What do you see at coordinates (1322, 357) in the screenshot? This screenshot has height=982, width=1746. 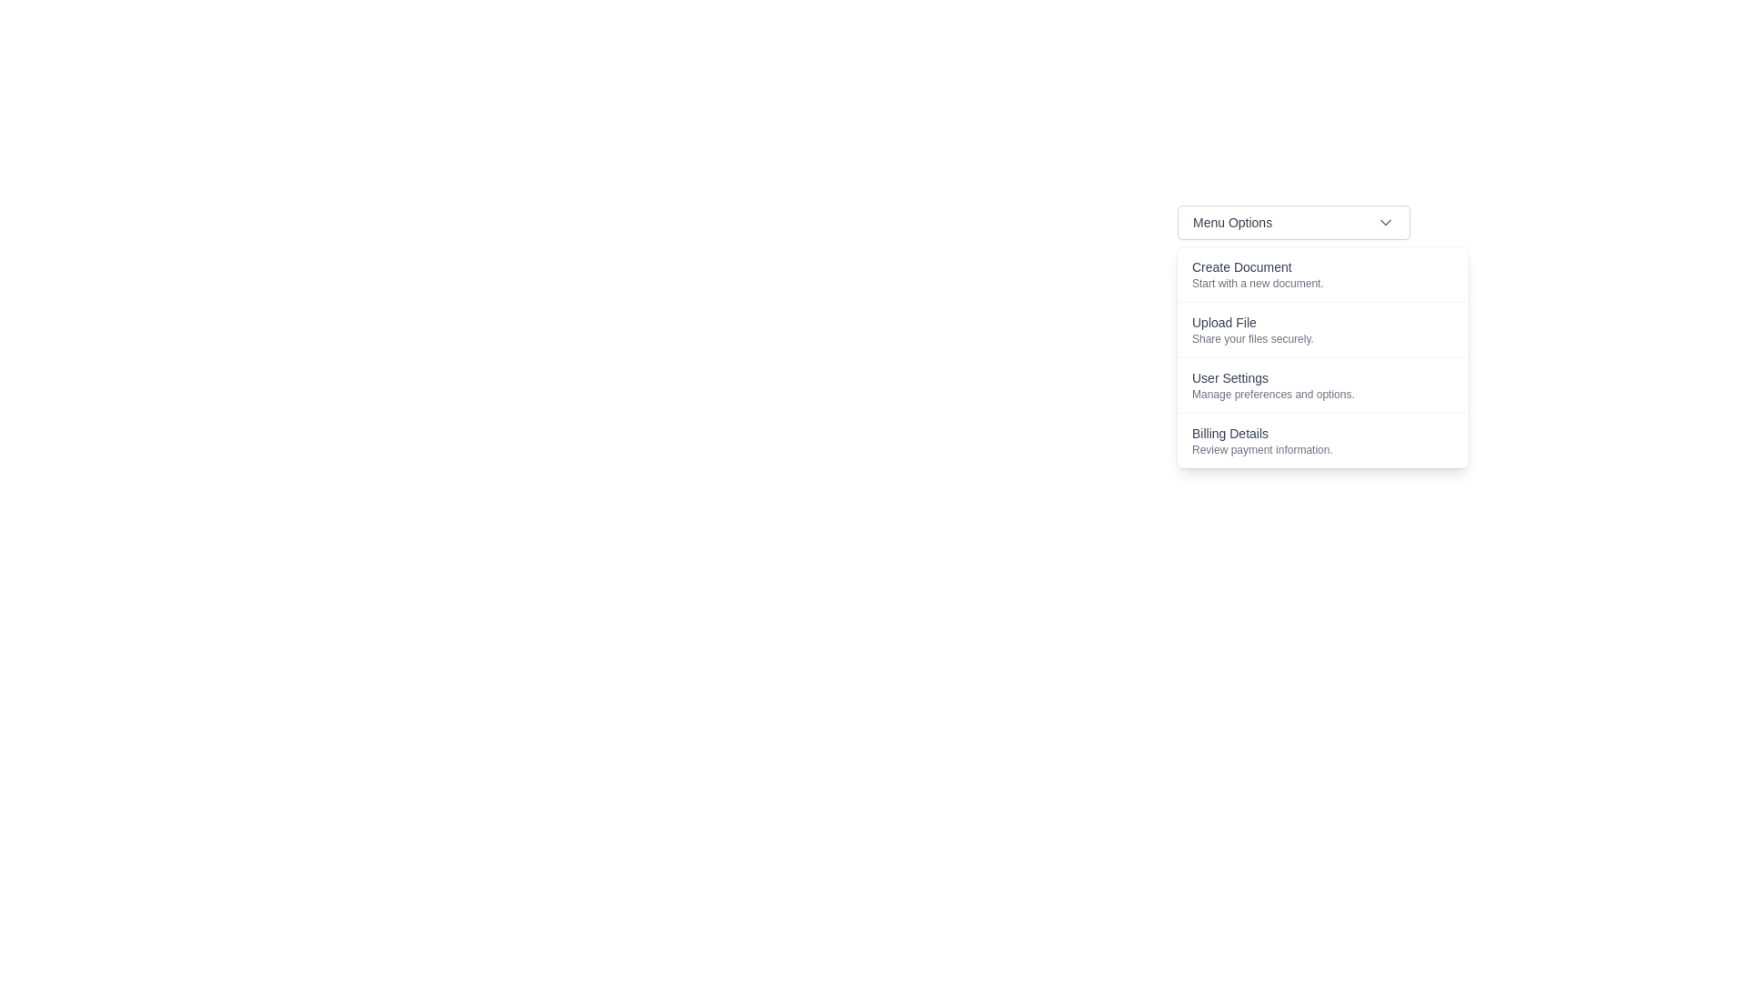 I see `the 'Upload File' dropdown menu item located below the 'Menu Options' button, which is the second item in the dropdown list` at bounding box center [1322, 357].